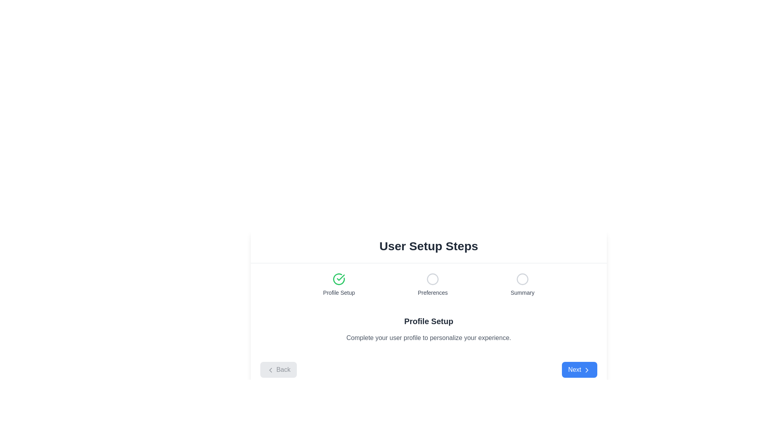  Describe the element at coordinates (428, 246) in the screenshot. I see `the Text Label or Heading at the top of the user setup panel, which introduces the user setup process` at that location.